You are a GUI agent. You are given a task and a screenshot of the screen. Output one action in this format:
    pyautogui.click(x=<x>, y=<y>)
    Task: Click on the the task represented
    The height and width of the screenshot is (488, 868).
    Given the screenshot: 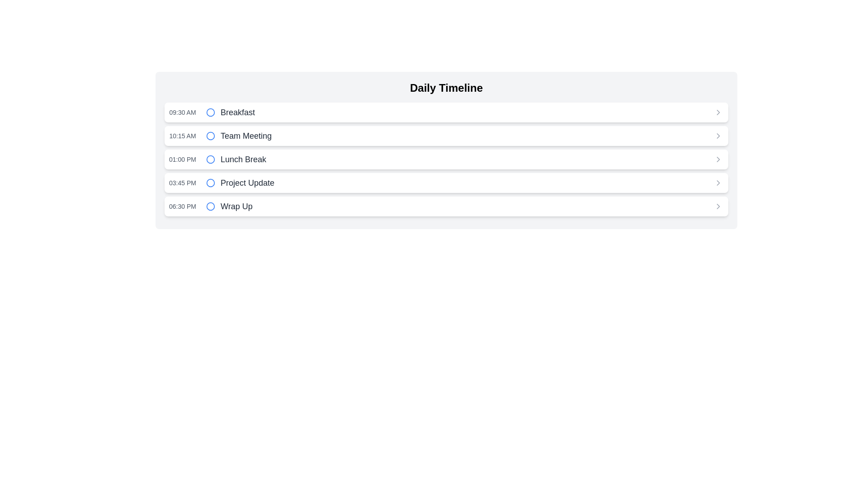 What is the action you would take?
    pyautogui.click(x=210, y=183)
    